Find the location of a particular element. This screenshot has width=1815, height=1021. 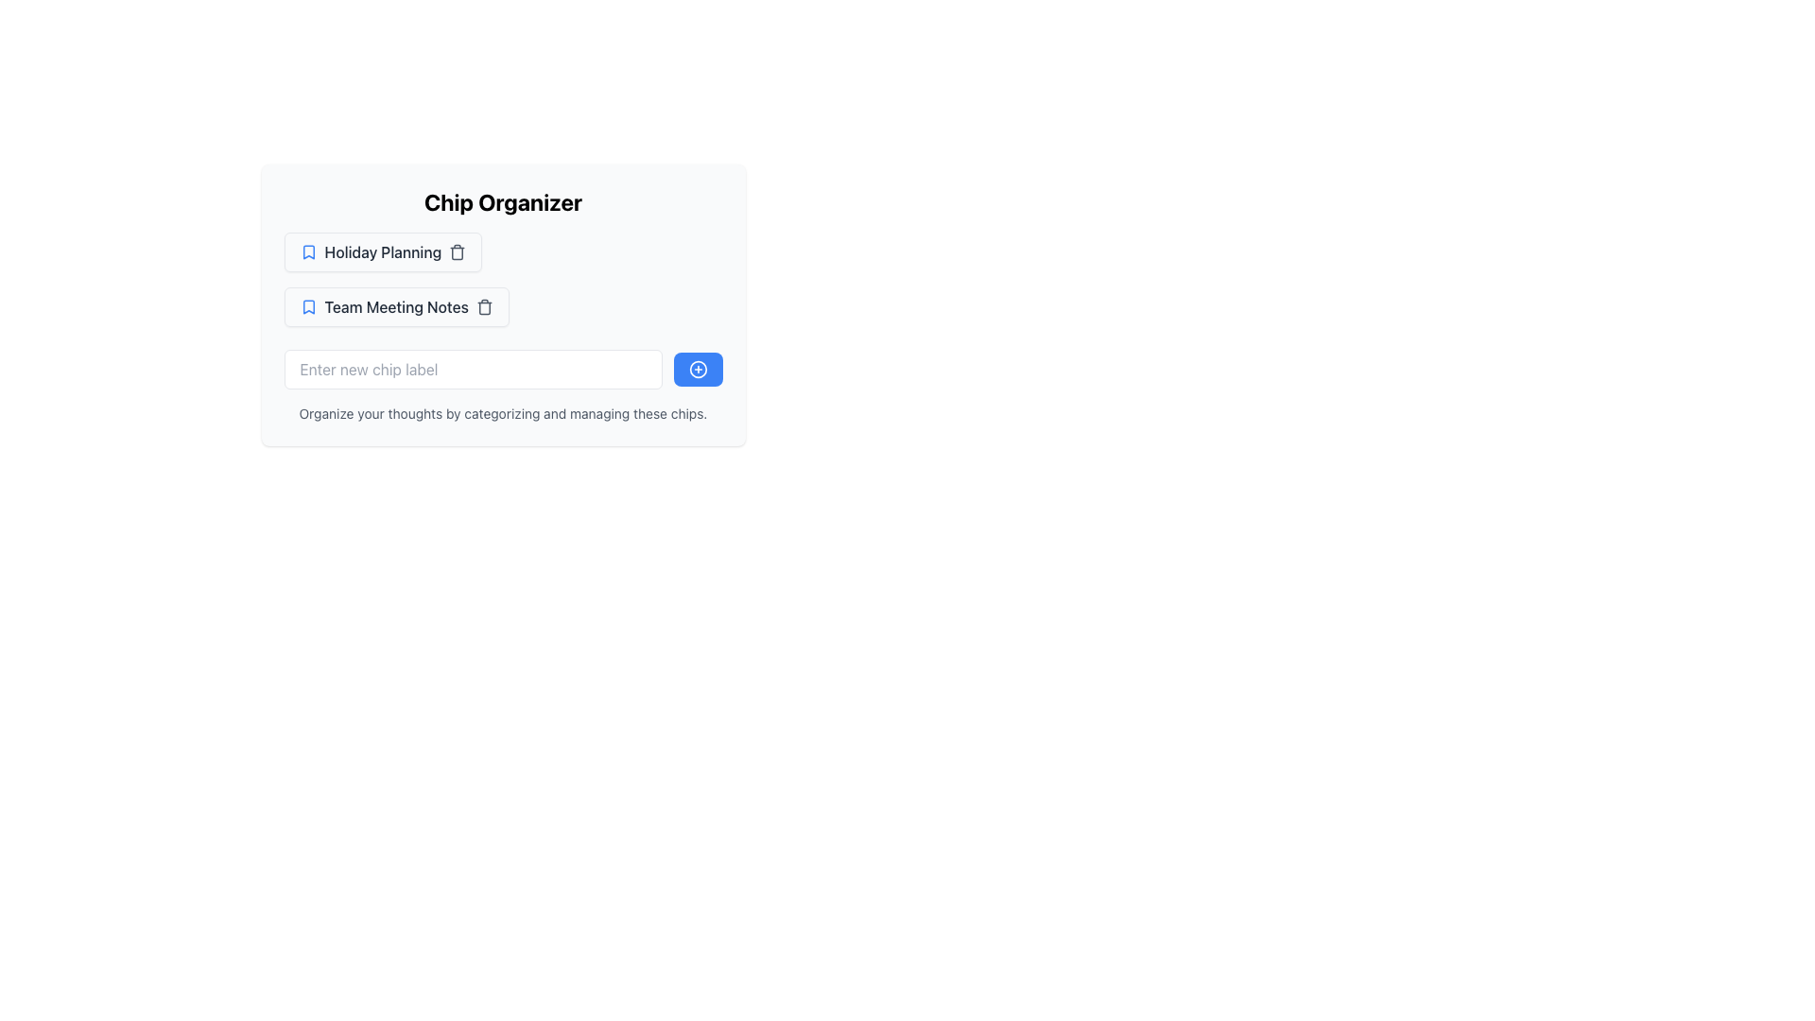

the circular outline of the SVG graphic that is part of a button located to the right of an input box is located at coordinates (697, 369).